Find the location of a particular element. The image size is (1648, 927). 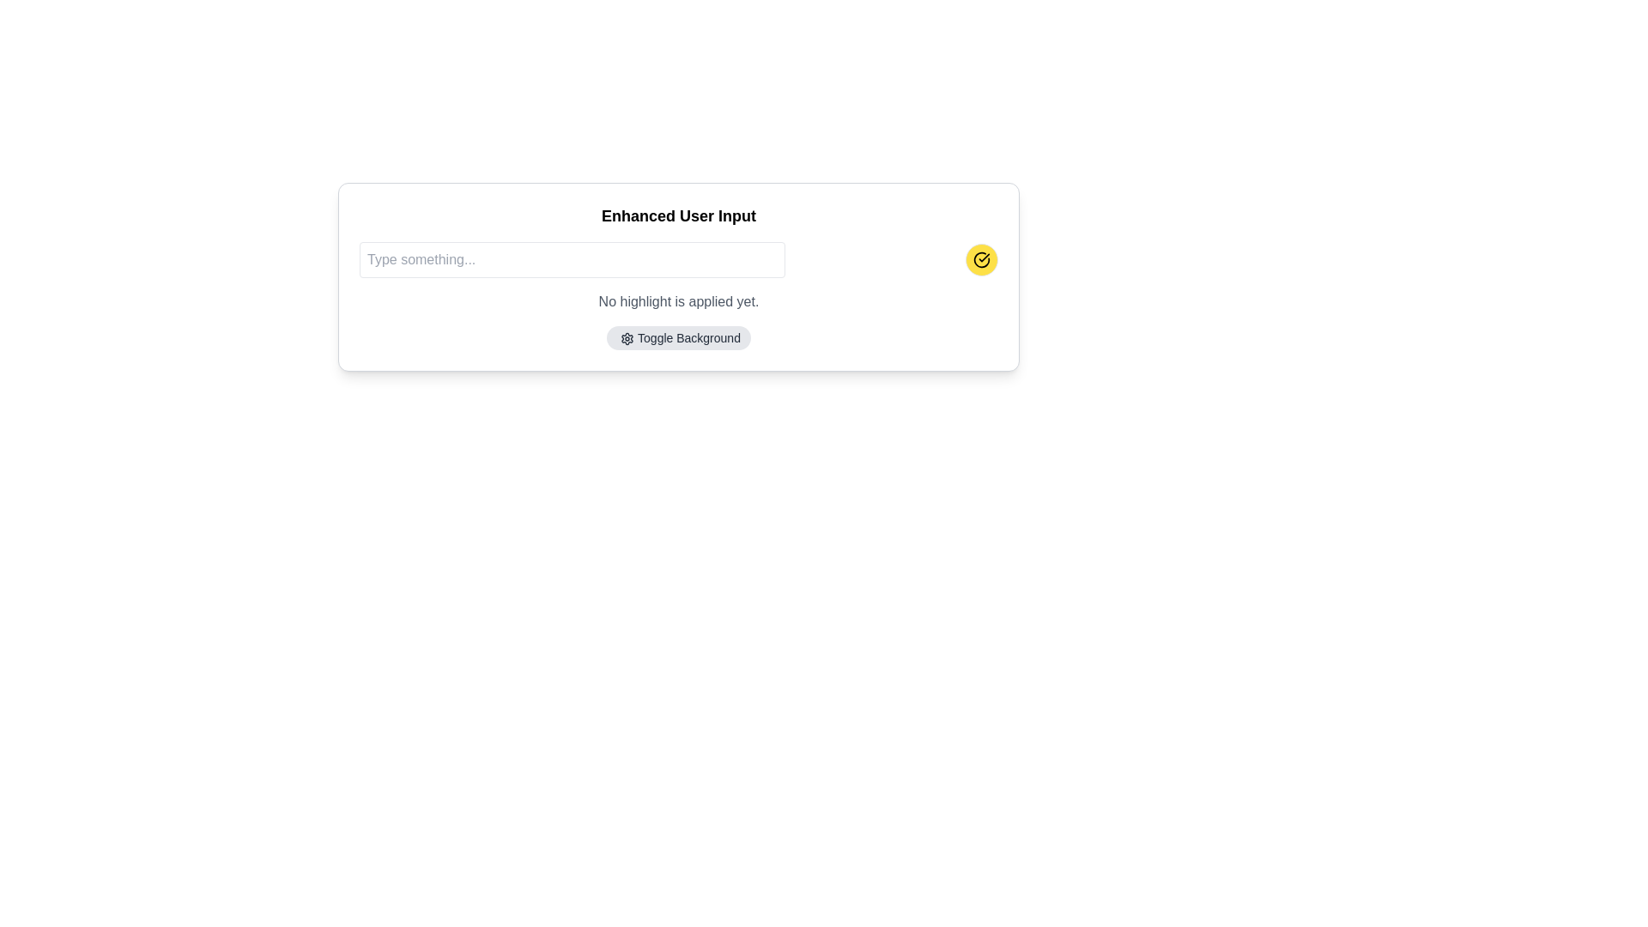

the status Text Label indicating that no highlights are currently applied, which is located underneath the 'Type something...' text input box and above the 'Toggle Background' button is located at coordinates (678, 300).